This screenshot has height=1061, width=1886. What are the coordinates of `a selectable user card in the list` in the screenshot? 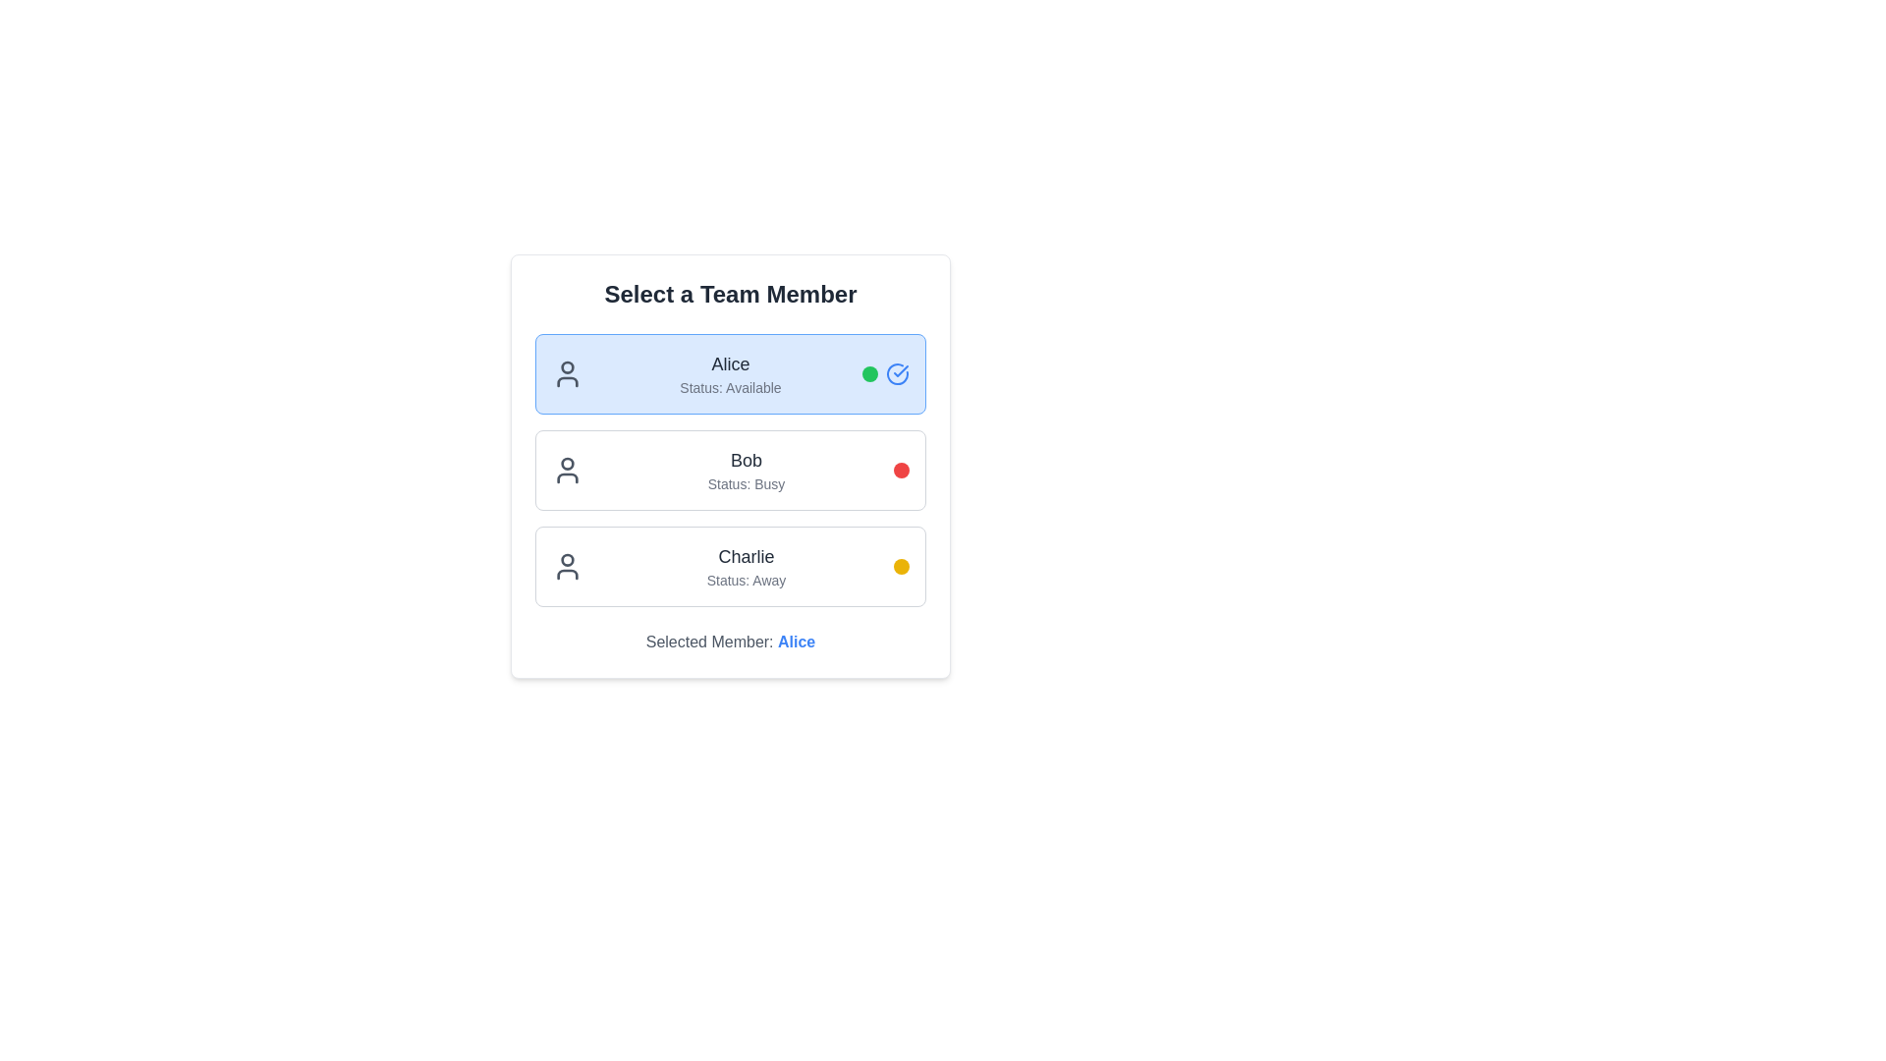 It's located at (730, 470).